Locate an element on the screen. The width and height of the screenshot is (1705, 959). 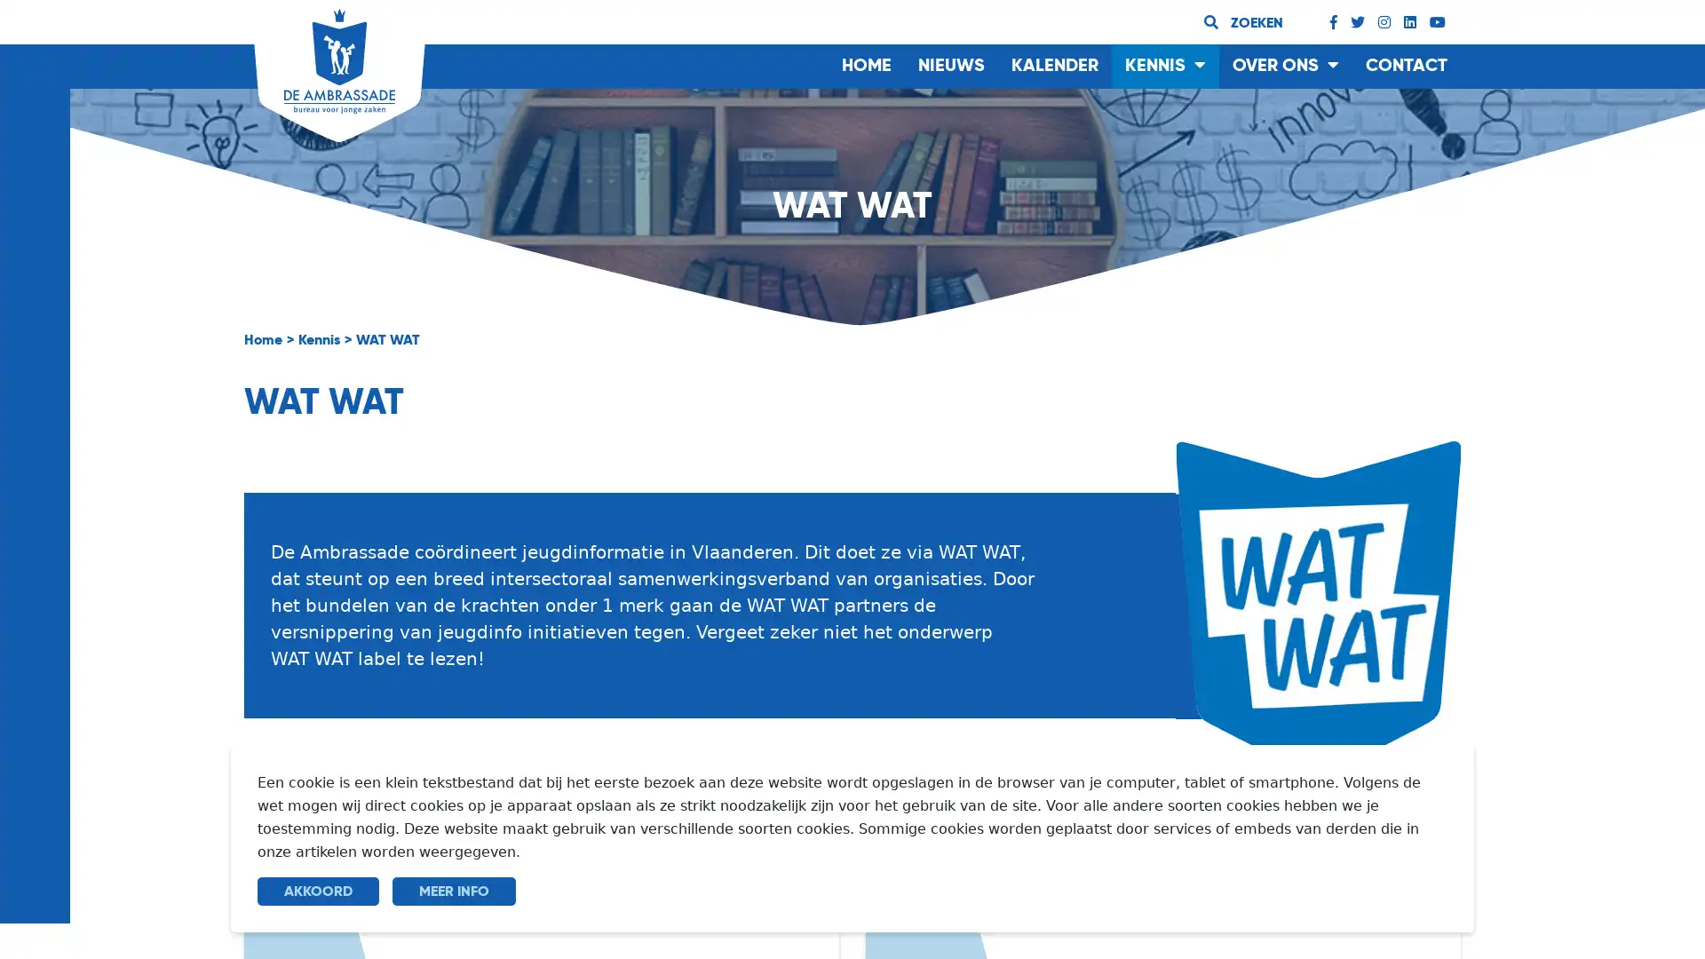
AKKOORD is located at coordinates (318, 891).